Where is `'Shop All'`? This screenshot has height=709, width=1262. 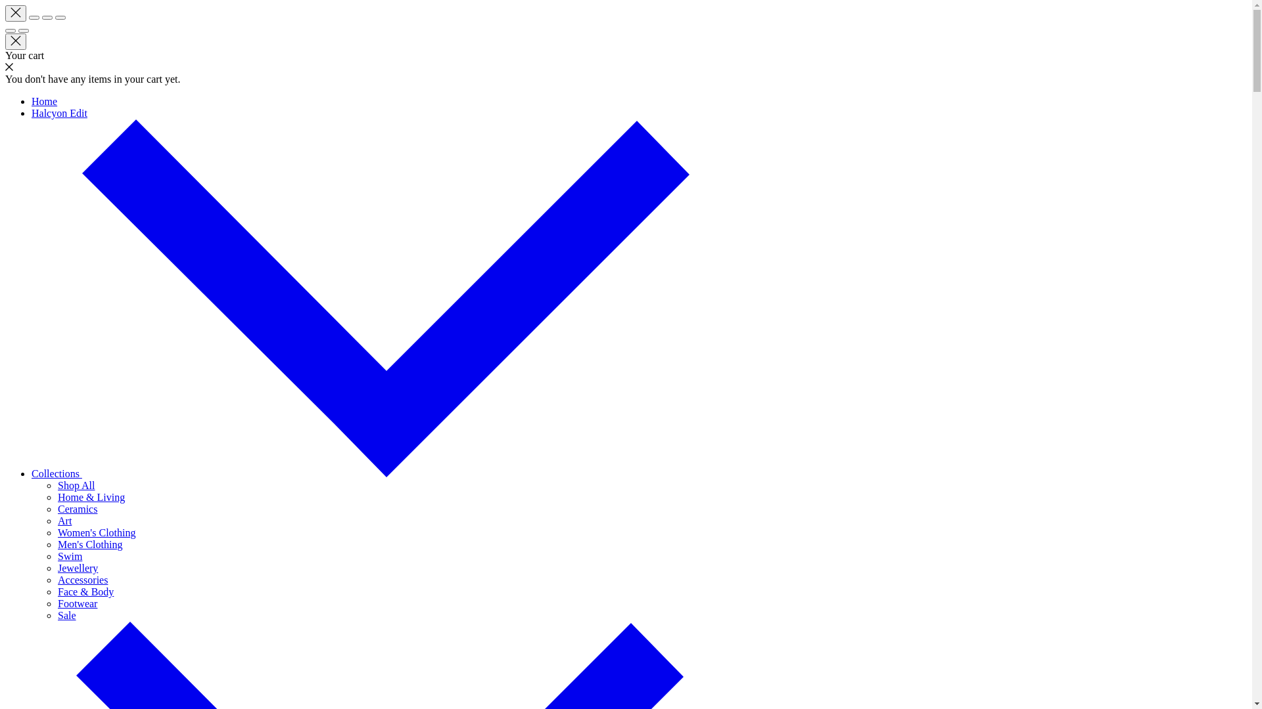
'Shop All' is located at coordinates (75, 485).